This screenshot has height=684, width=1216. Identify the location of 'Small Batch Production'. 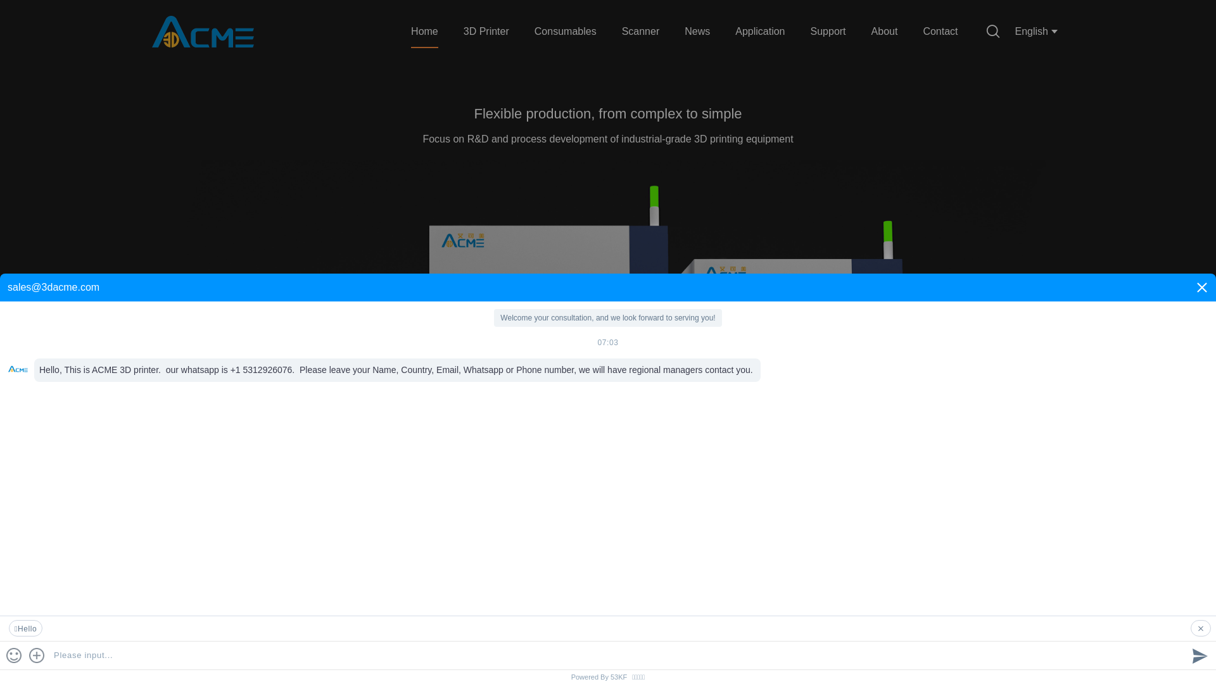
(664, 651).